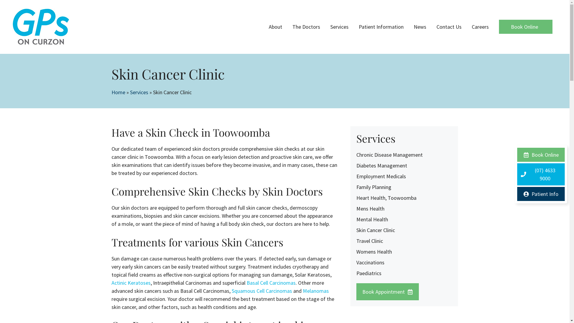 The height and width of the screenshot is (323, 574). Describe the element at coordinates (375, 230) in the screenshot. I see `'Skin Cancer Clinic'` at that location.